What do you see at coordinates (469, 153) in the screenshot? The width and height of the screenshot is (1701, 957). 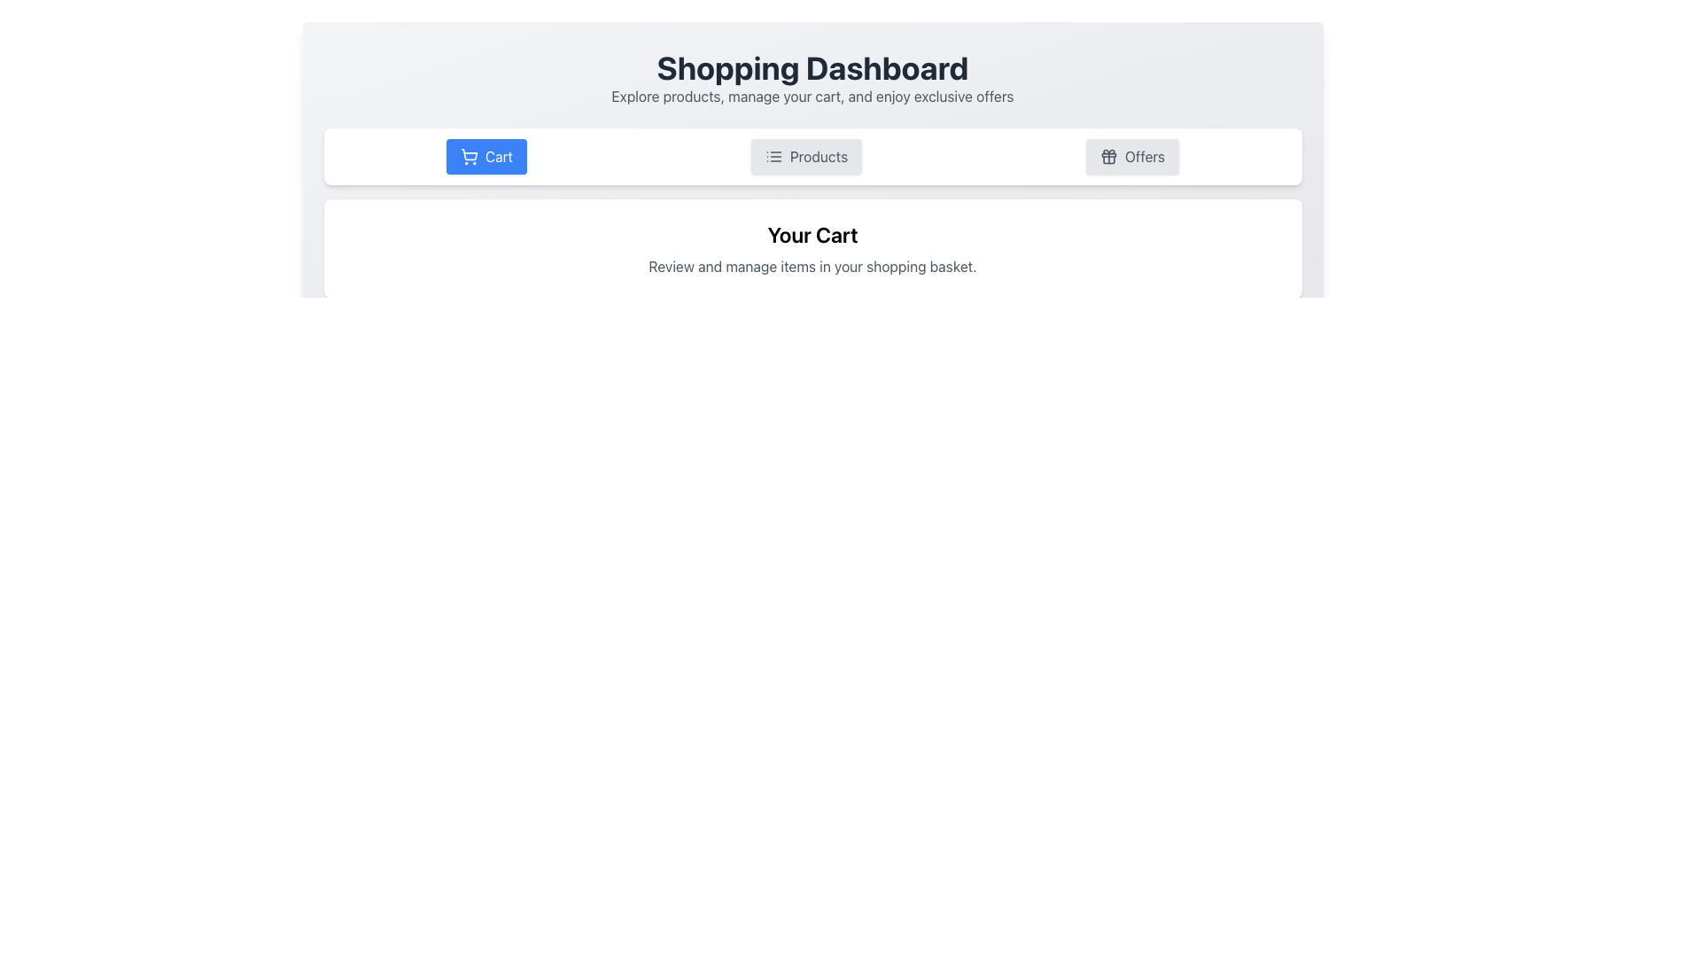 I see `the shopping cart icon, which serves as a visual indicator of the user's cart in the e-commerce interface` at bounding box center [469, 153].